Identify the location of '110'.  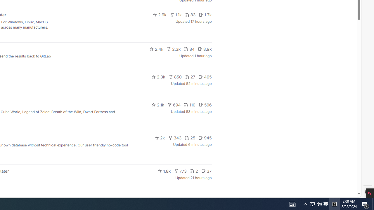
(190, 104).